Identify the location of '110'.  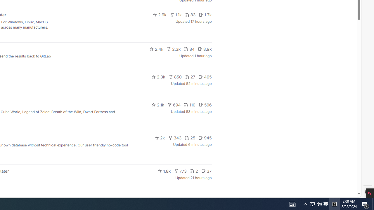
(190, 104).